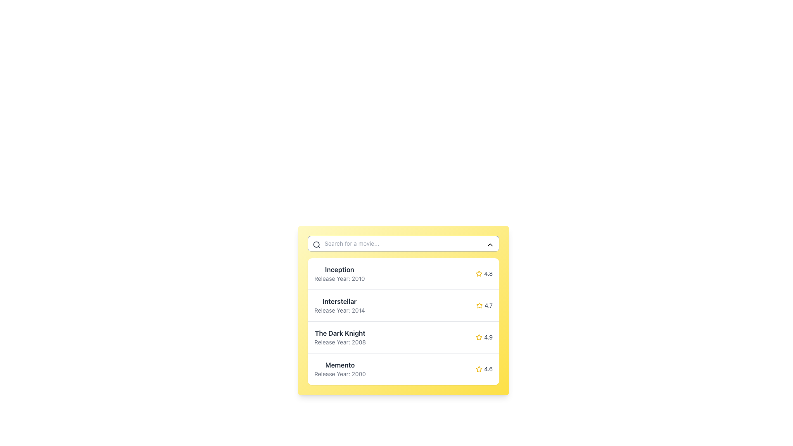 The image size is (793, 446). What do you see at coordinates (340, 279) in the screenshot?
I see `the text label displaying 'Release Year: 2010', which is located below the movie title 'Inception' in the movie list` at bounding box center [340, 279].